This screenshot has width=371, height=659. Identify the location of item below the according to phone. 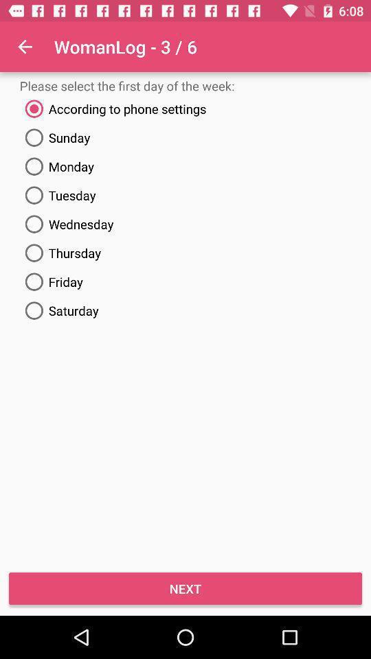
(185, 137).